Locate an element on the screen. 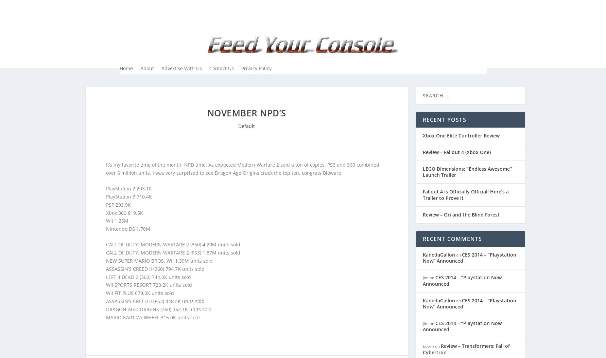  'ASSASSIN’S CREED II (PS3) 448.4K units sold' is located at coordinates (155, 300).